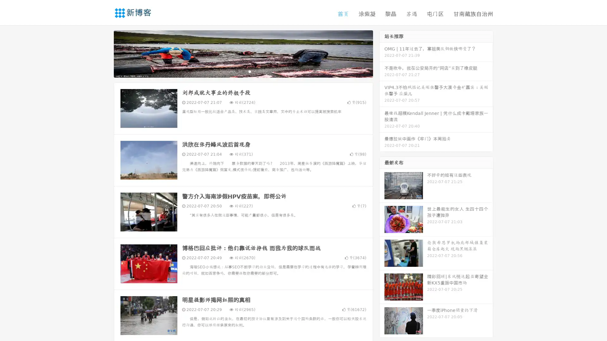 The width and height of the screenshot is (607, 341). I want to click on Go to slide 2, so click(243, 71).